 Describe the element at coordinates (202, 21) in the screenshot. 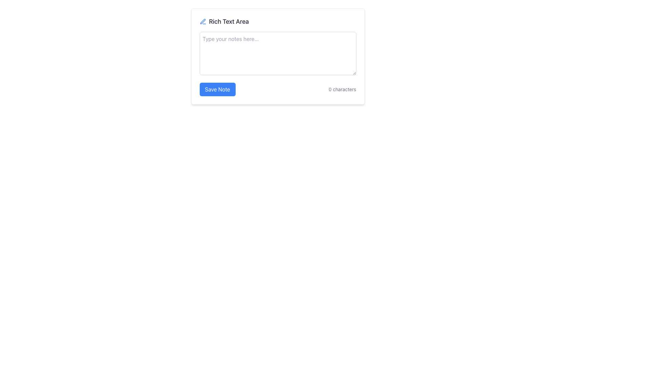

I see `the pen-like icon with a blue outline located to the left of the 'Rich Text Area' label` at that location.